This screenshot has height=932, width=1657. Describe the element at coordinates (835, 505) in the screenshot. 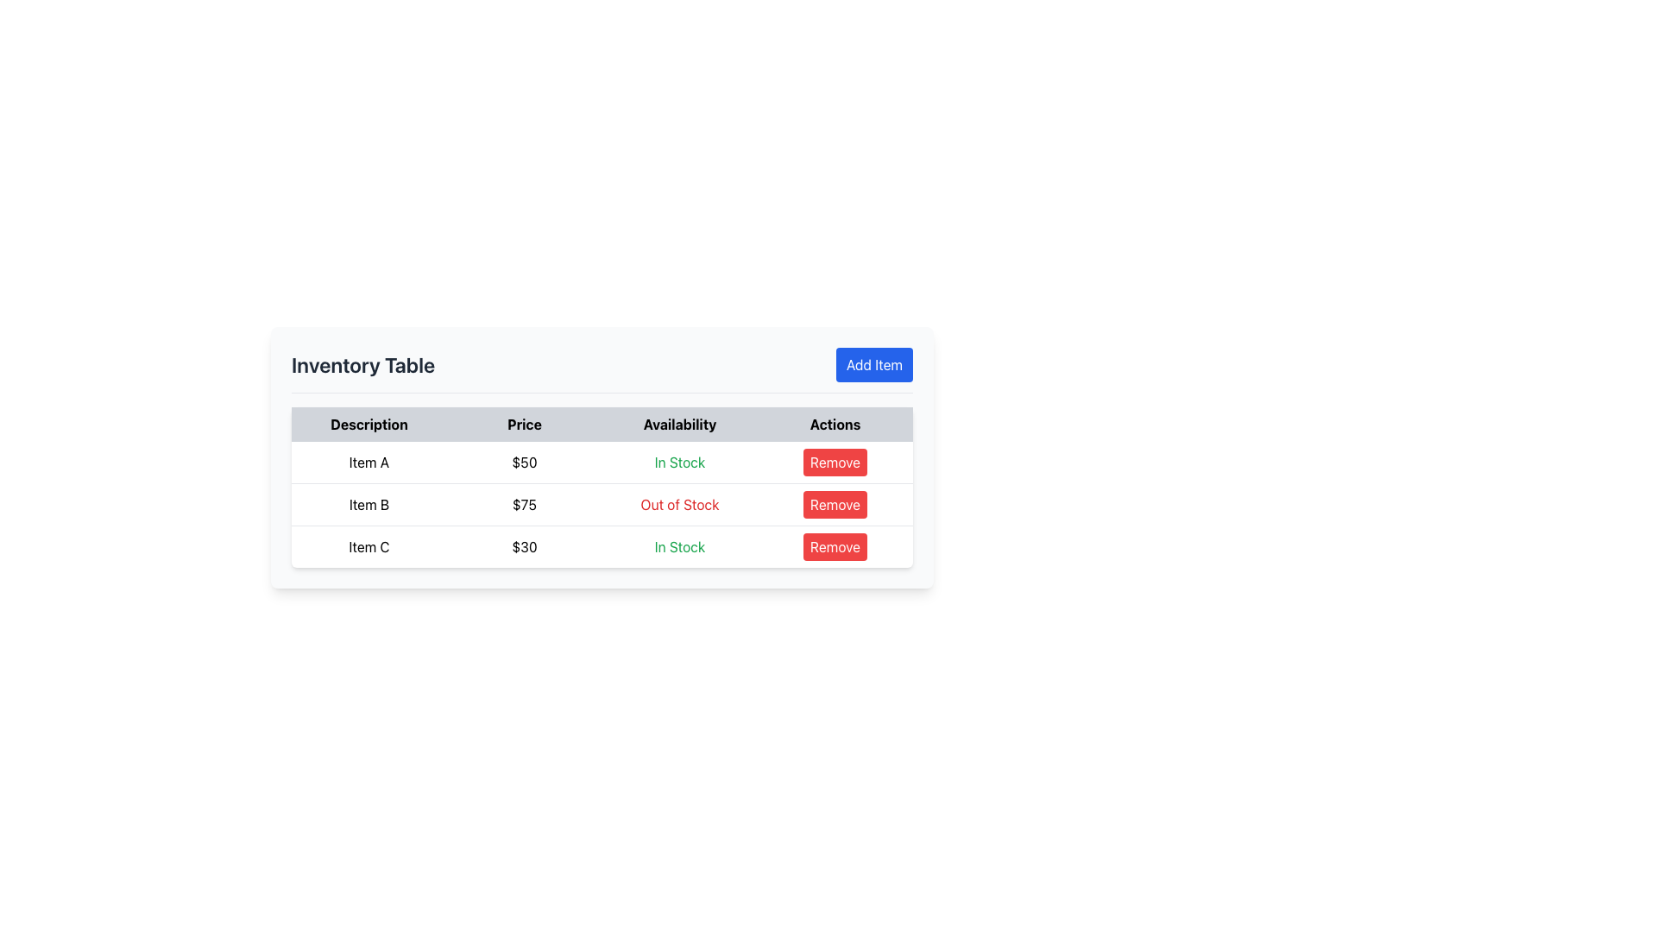

I see `the button in the 'Actions' column of the second row associated with 'Item B' to observe the hover effect` at that location.